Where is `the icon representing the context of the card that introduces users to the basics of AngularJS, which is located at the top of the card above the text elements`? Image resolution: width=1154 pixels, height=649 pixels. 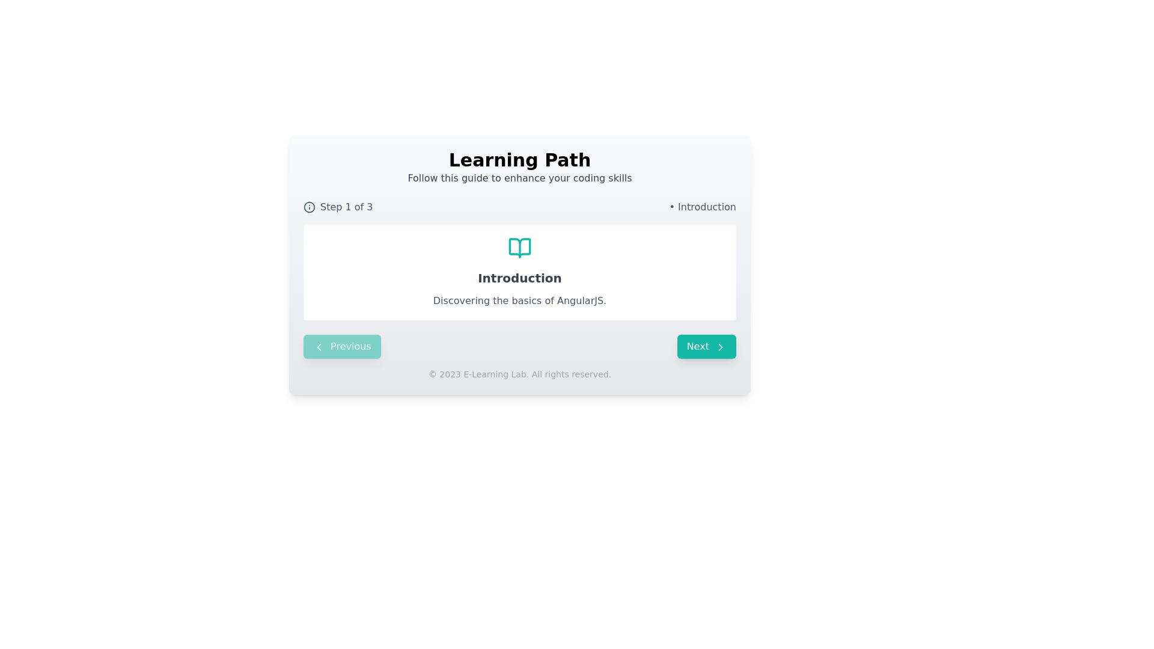 the icon representing the context of the card that introduces users to the basics of AngularJS, which is located at the top of the card above the text elements is located at coordinates (519, 247).